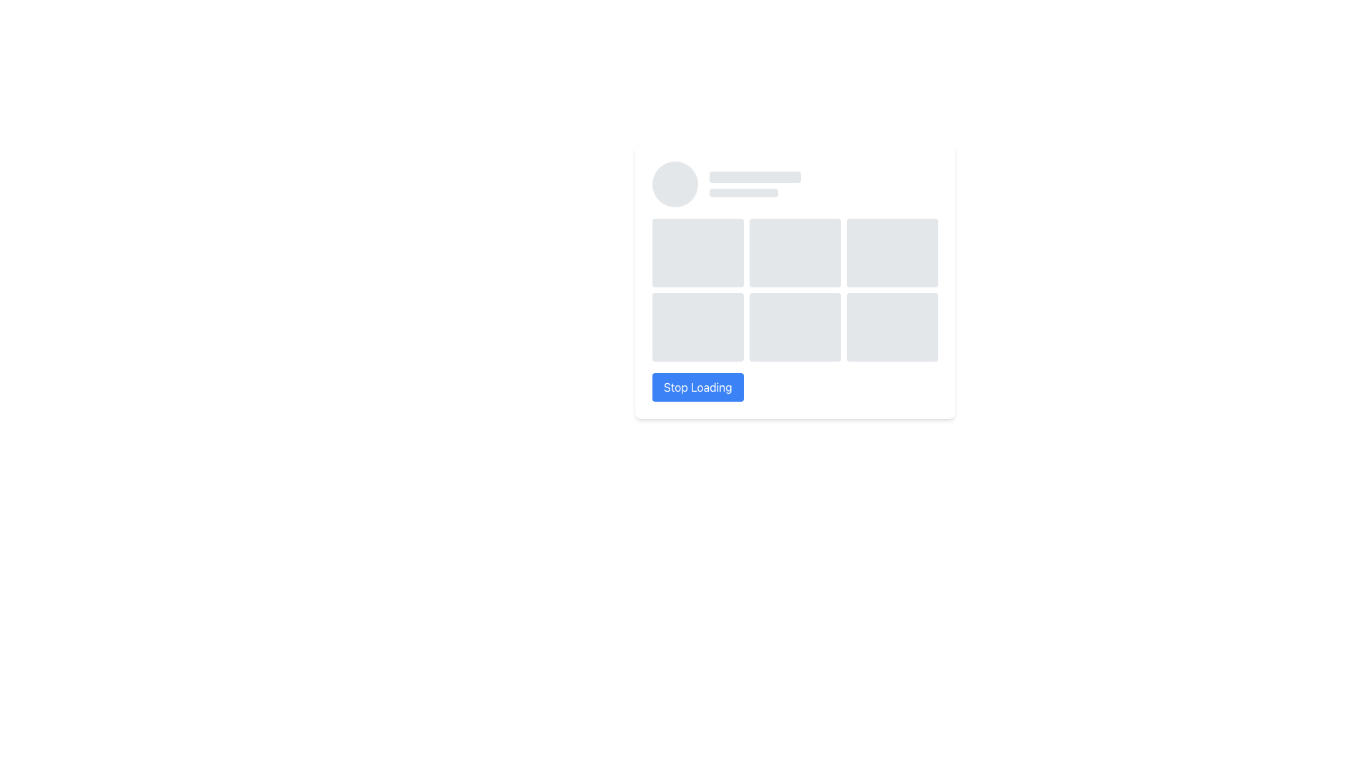  What do you see at coordinates (891, 252) in the screenshot?
I see `the light gray rectangular loading skeleton placeholder located in the top row of a 3x2 grid layout, positioned as the third placeholder in that row` at bounding box center [891, 252].